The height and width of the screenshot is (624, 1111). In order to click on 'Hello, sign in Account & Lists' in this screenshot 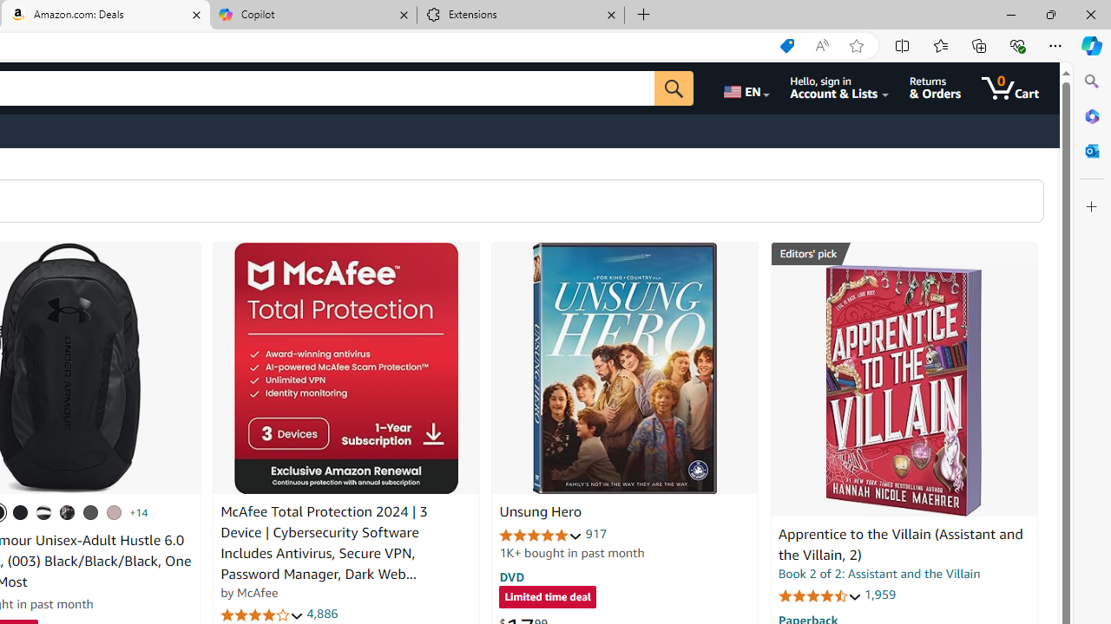, I will do `click(839, 88)`.